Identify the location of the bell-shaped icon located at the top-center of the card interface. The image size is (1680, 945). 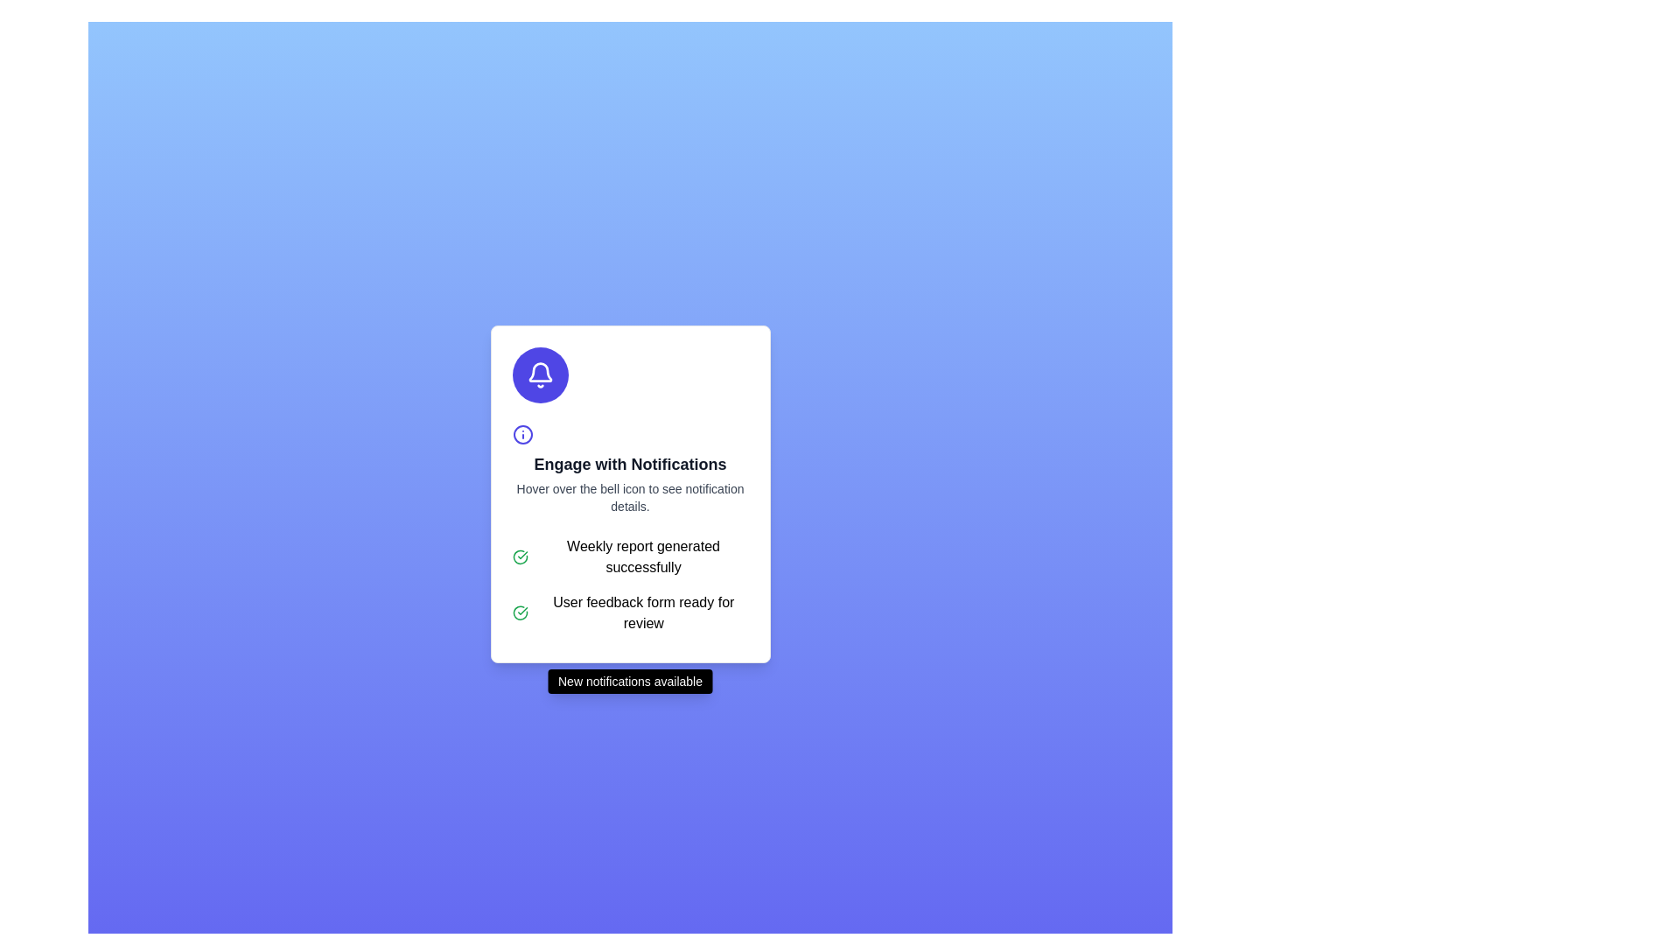
(539, 374).